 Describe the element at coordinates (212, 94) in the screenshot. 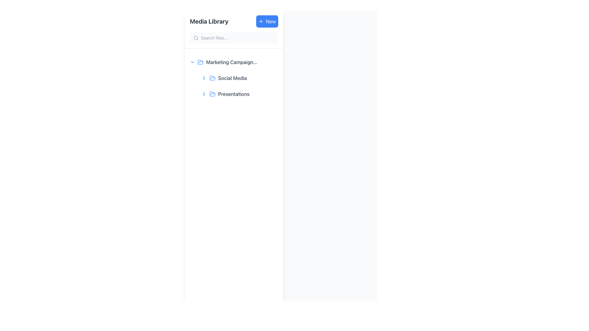

I see `the 'Presentations' folder icon, which visually represents the folder type and is located to the left of the text 'Presentations'` at that location.